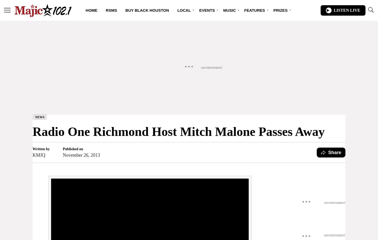  Describe the element at coordinates (145, 80) in the screenshot. I see `'Receive Our Newsletter!'` at that location.